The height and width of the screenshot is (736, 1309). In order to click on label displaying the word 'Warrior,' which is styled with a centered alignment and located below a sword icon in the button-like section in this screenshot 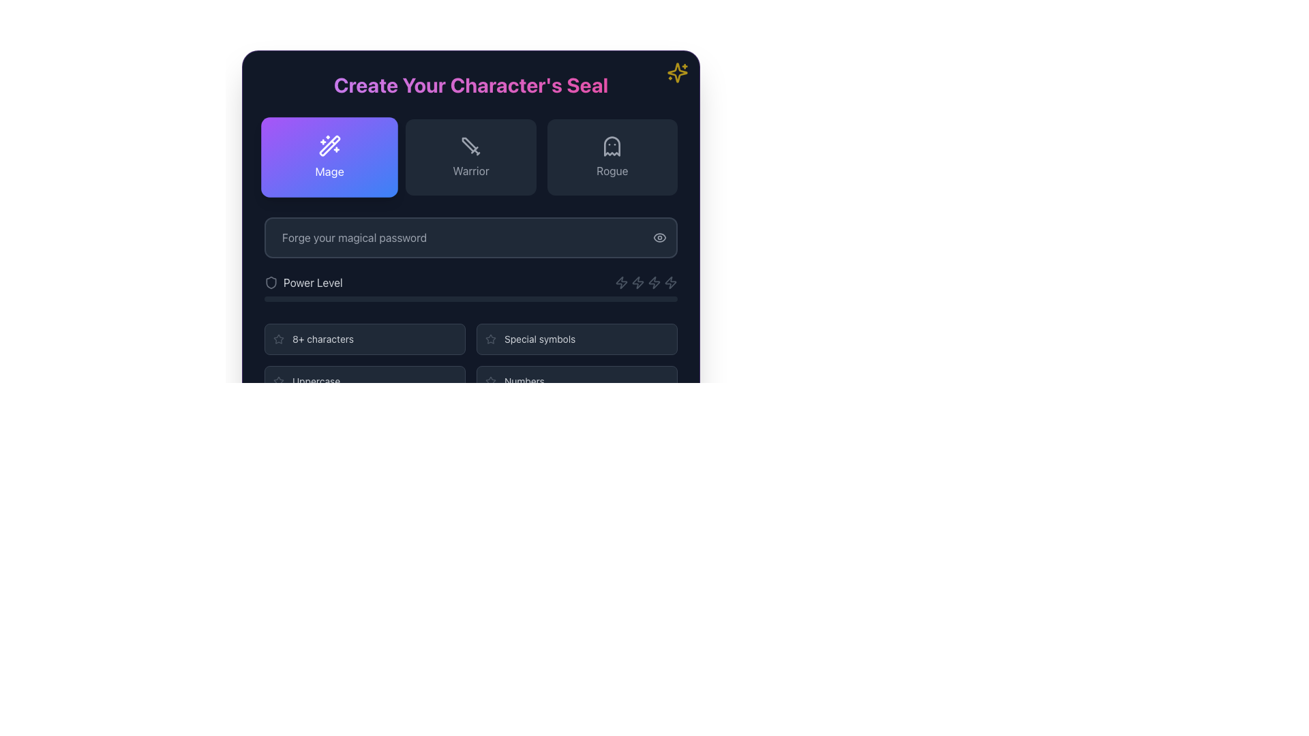, I will do `click(471, 170)`.